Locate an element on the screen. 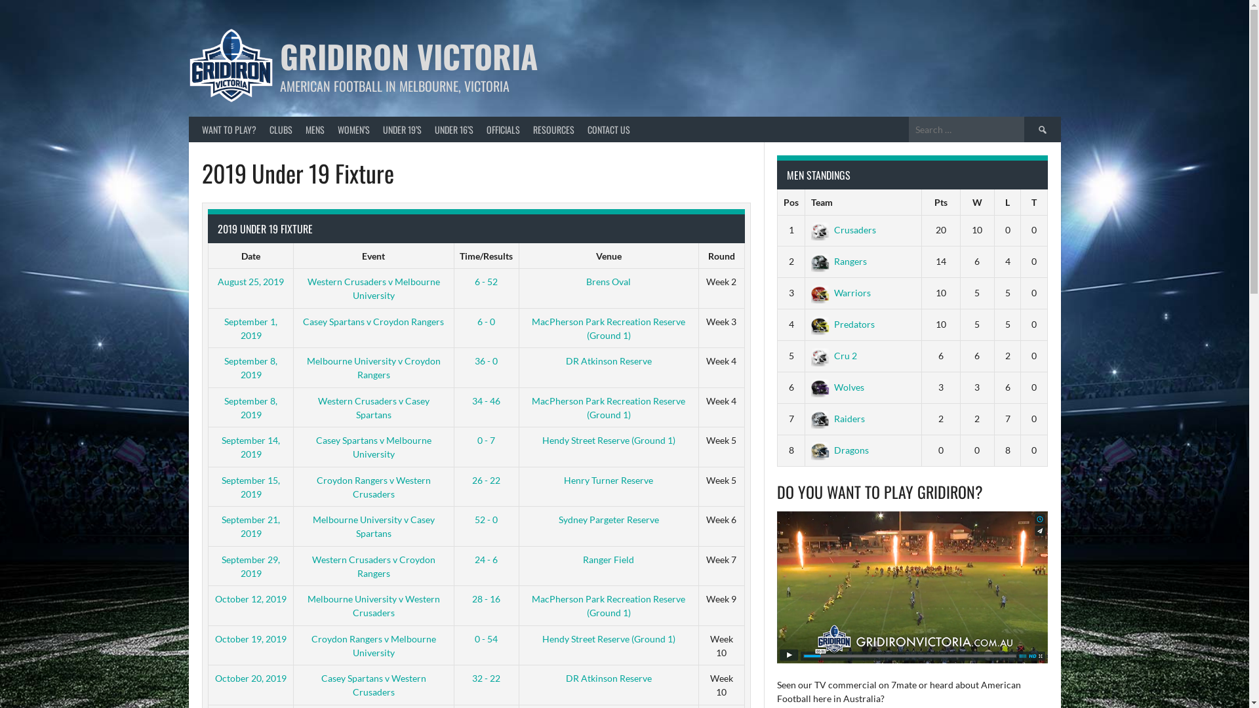 This screenshot has height=708, width=1259. 'Raiders' is located at coordinates (837, 418).